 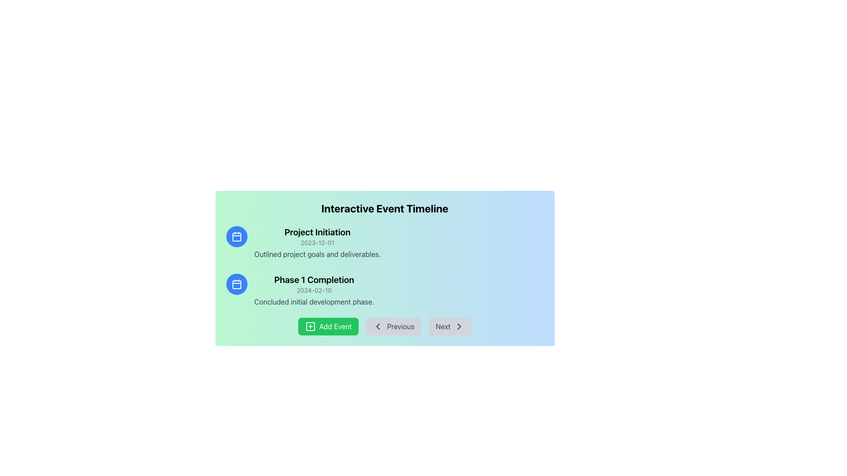 I want to click on the 'Previous' button, which has a light gray background and black text, so click(x=393, y=326).